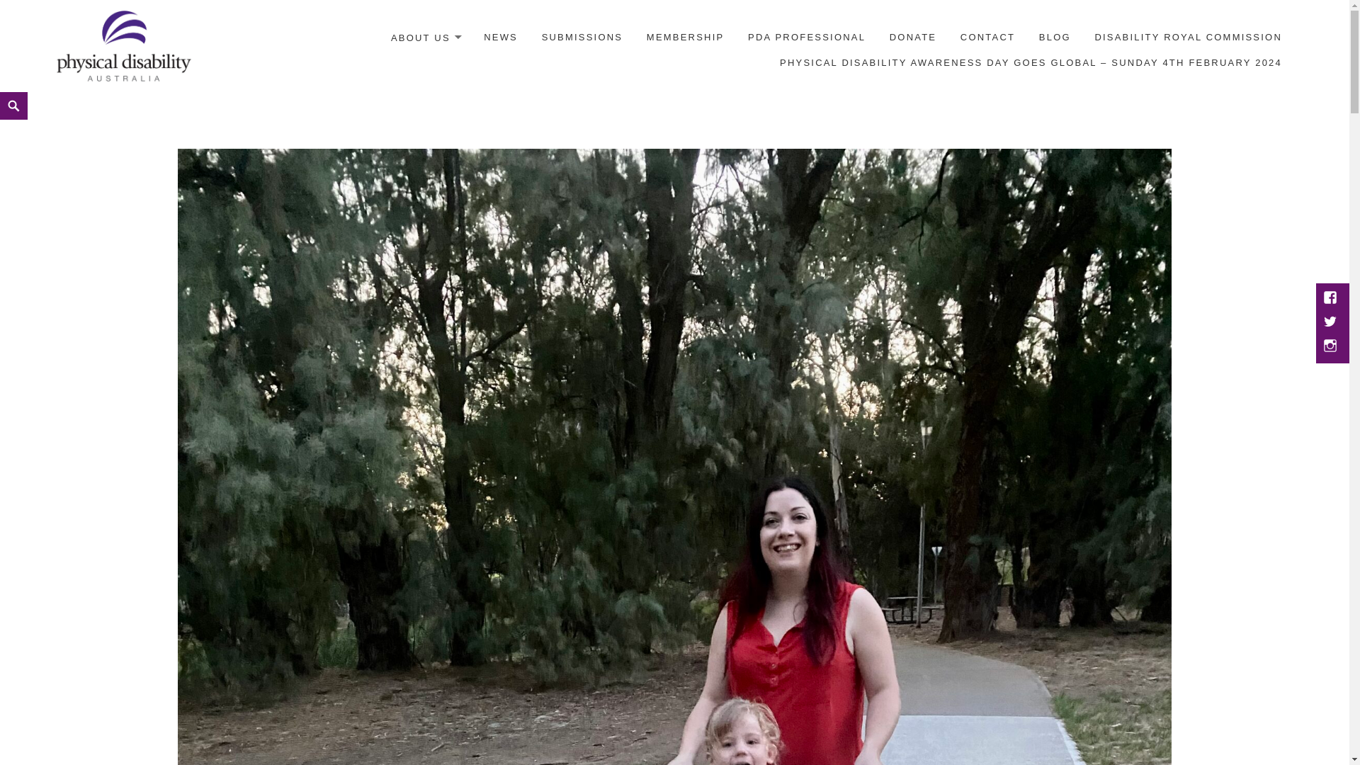 The height and width of the screenshot is (765, 1360). I want to click on 'Facebook', so click(1331, 297).